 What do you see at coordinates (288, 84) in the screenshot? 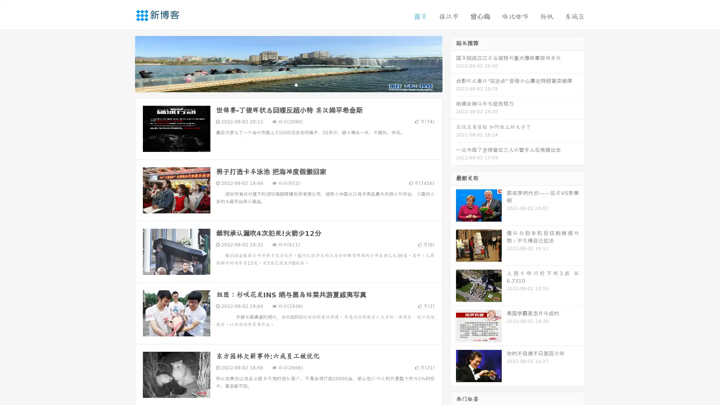
I see `Go to slide 2` at bounding box center [288, 84].